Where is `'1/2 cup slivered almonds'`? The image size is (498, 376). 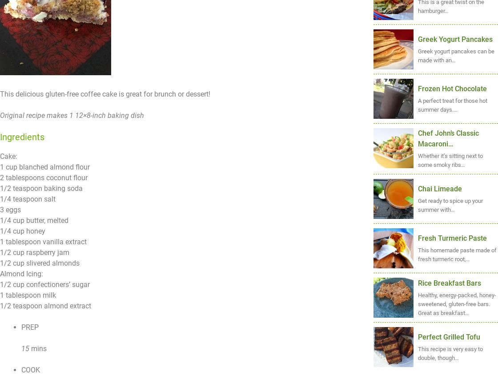
'1/2 cup slivered almonds' is located at coordinates (40, 263).